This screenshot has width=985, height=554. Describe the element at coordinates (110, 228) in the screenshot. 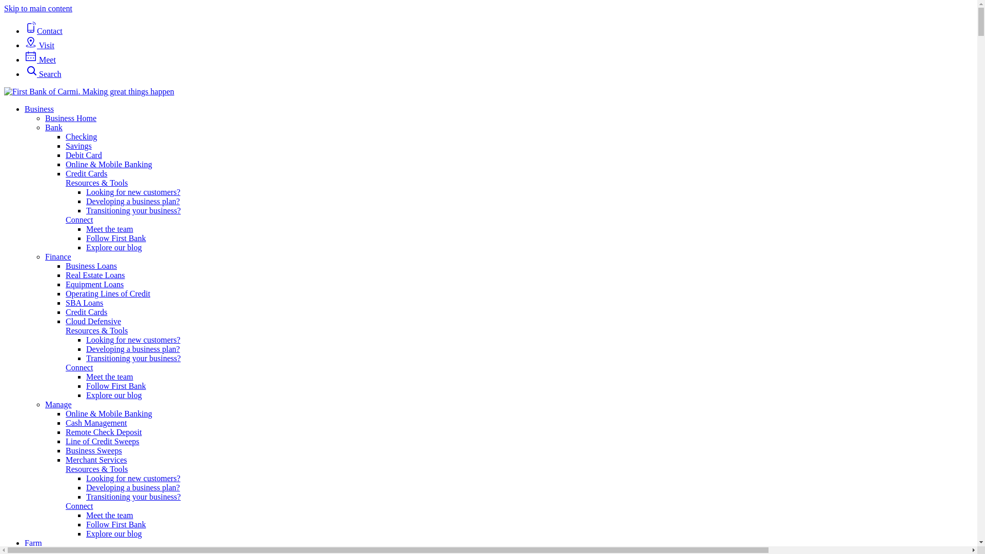

I see `'Meet the team'` at that location.